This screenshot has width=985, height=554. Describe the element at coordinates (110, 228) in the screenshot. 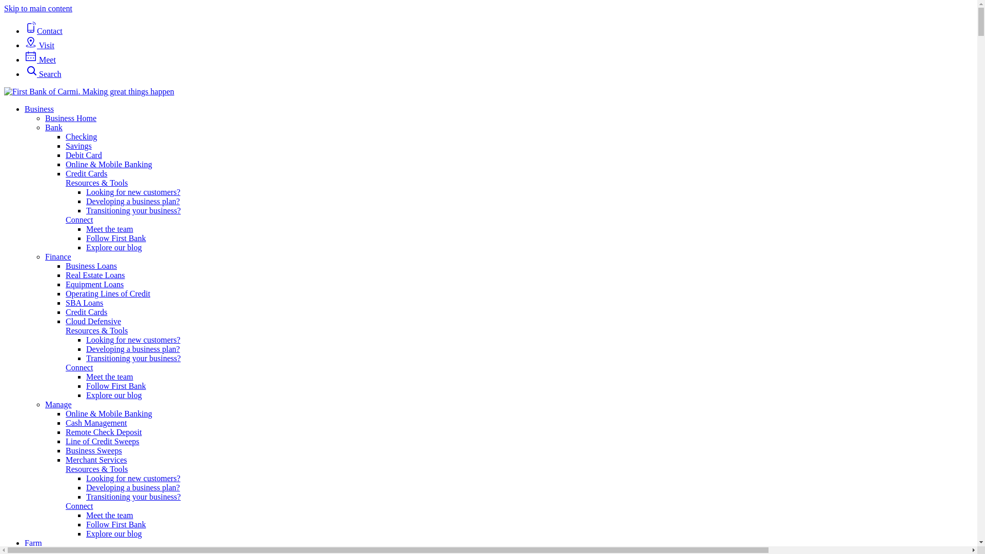

I see `'Meet the team'` at that location.